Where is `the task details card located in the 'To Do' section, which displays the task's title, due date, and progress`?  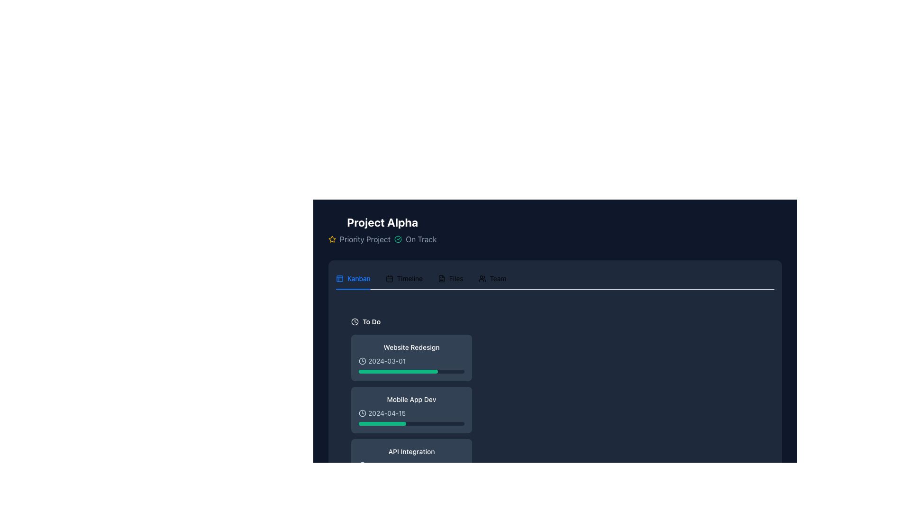 the task details card located in the 'To Do' section, which displays the task's title, due date, and progress is located at coordinates (411, 358).